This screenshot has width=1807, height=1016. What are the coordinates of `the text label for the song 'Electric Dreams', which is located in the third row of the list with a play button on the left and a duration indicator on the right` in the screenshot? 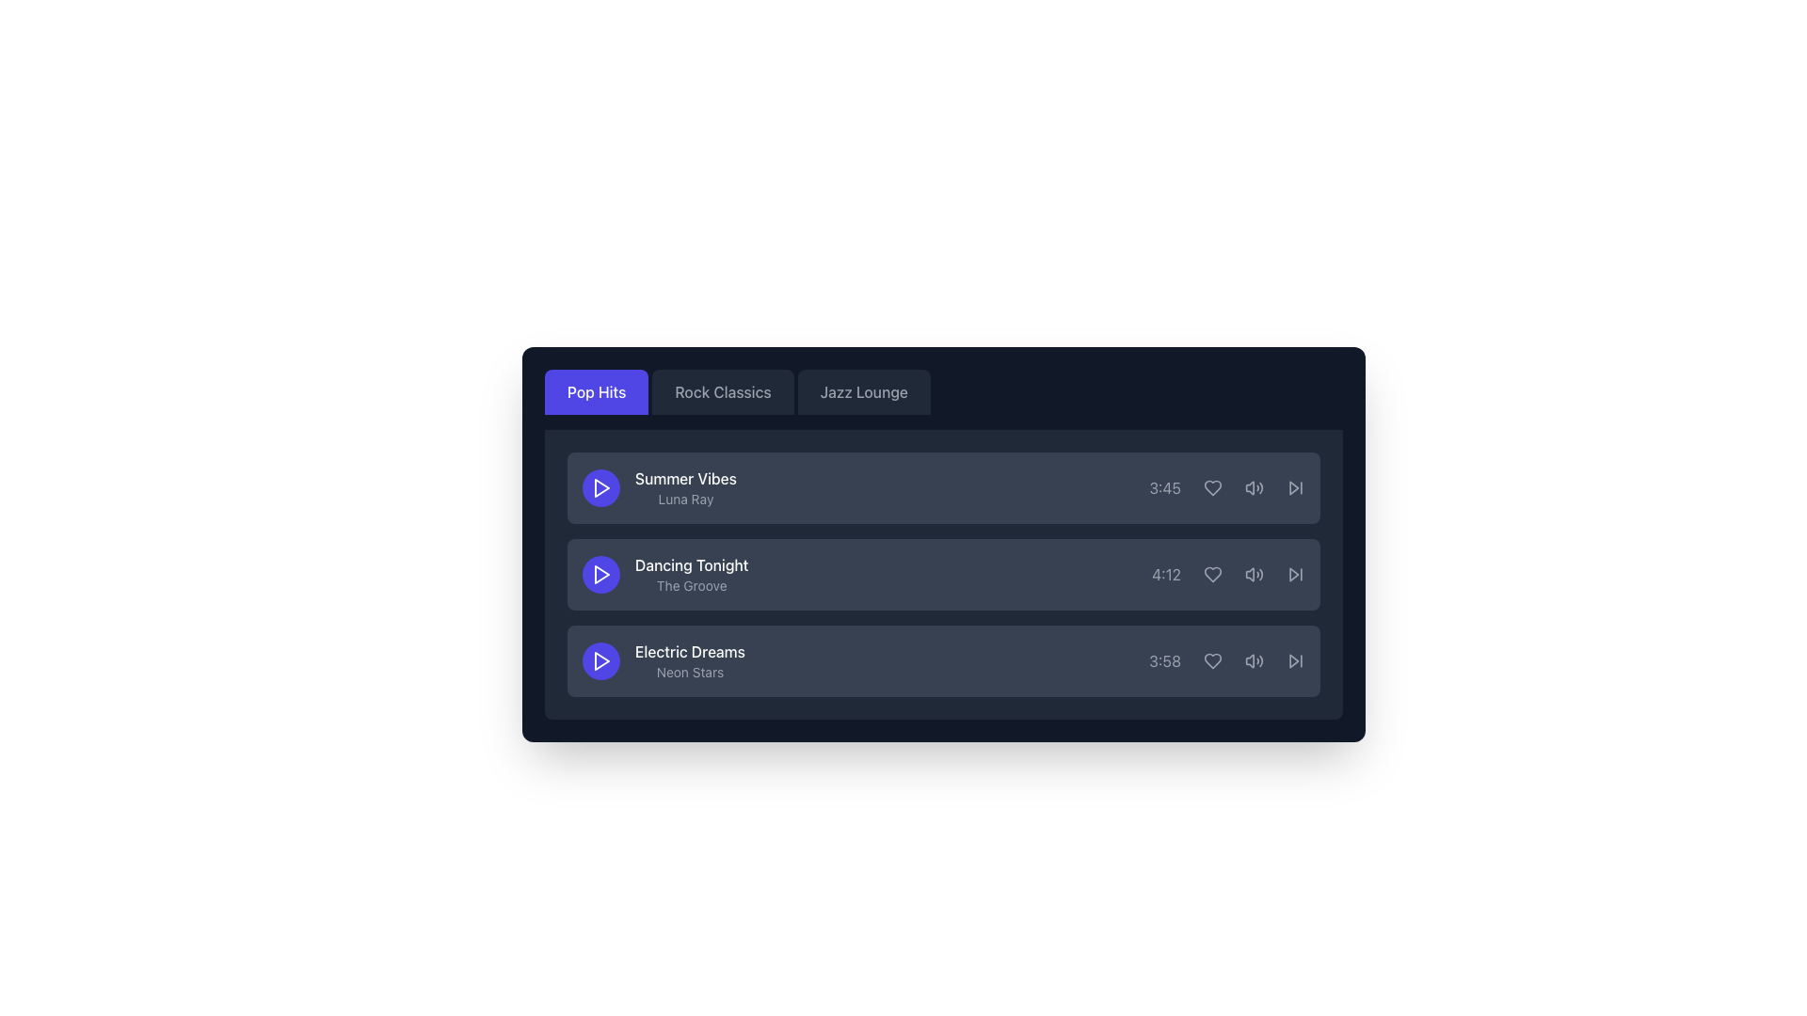 It's located at (689, 651).